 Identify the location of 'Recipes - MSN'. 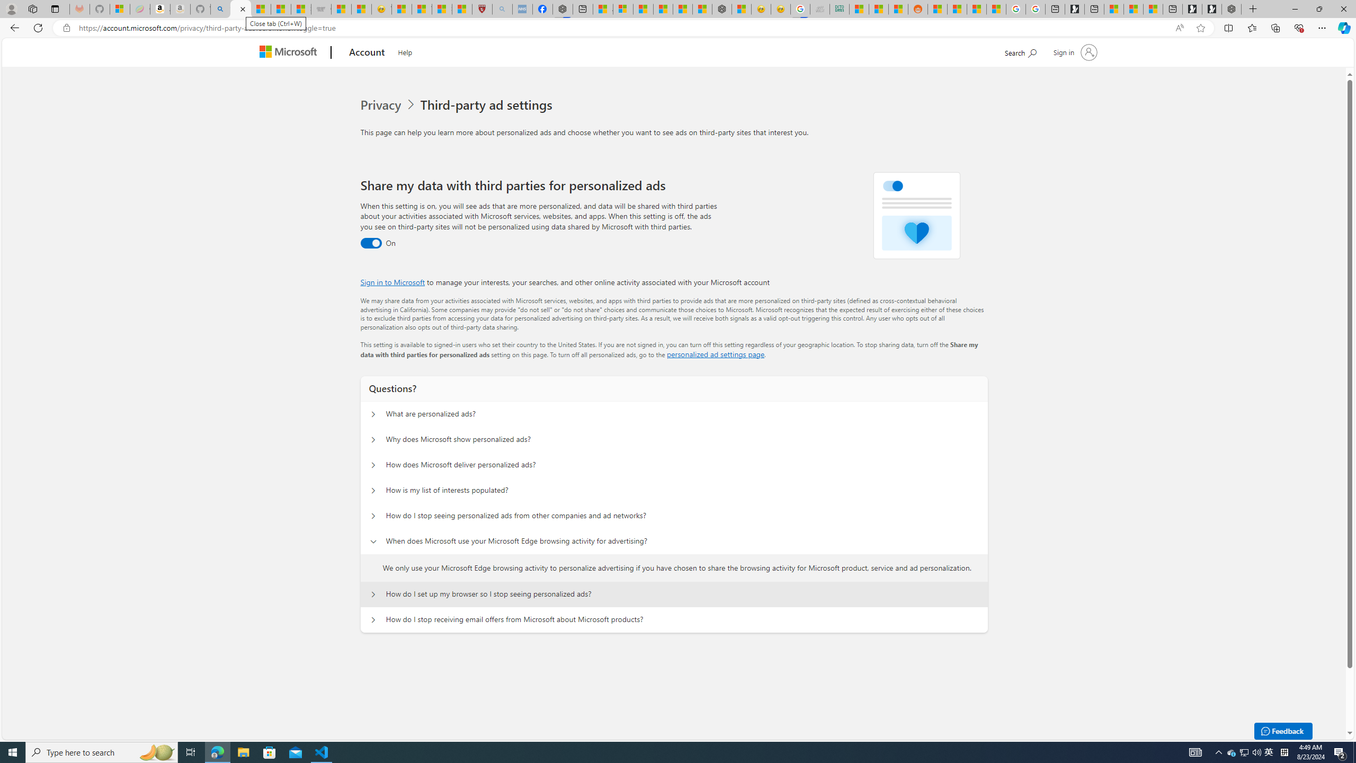
(402, 8).